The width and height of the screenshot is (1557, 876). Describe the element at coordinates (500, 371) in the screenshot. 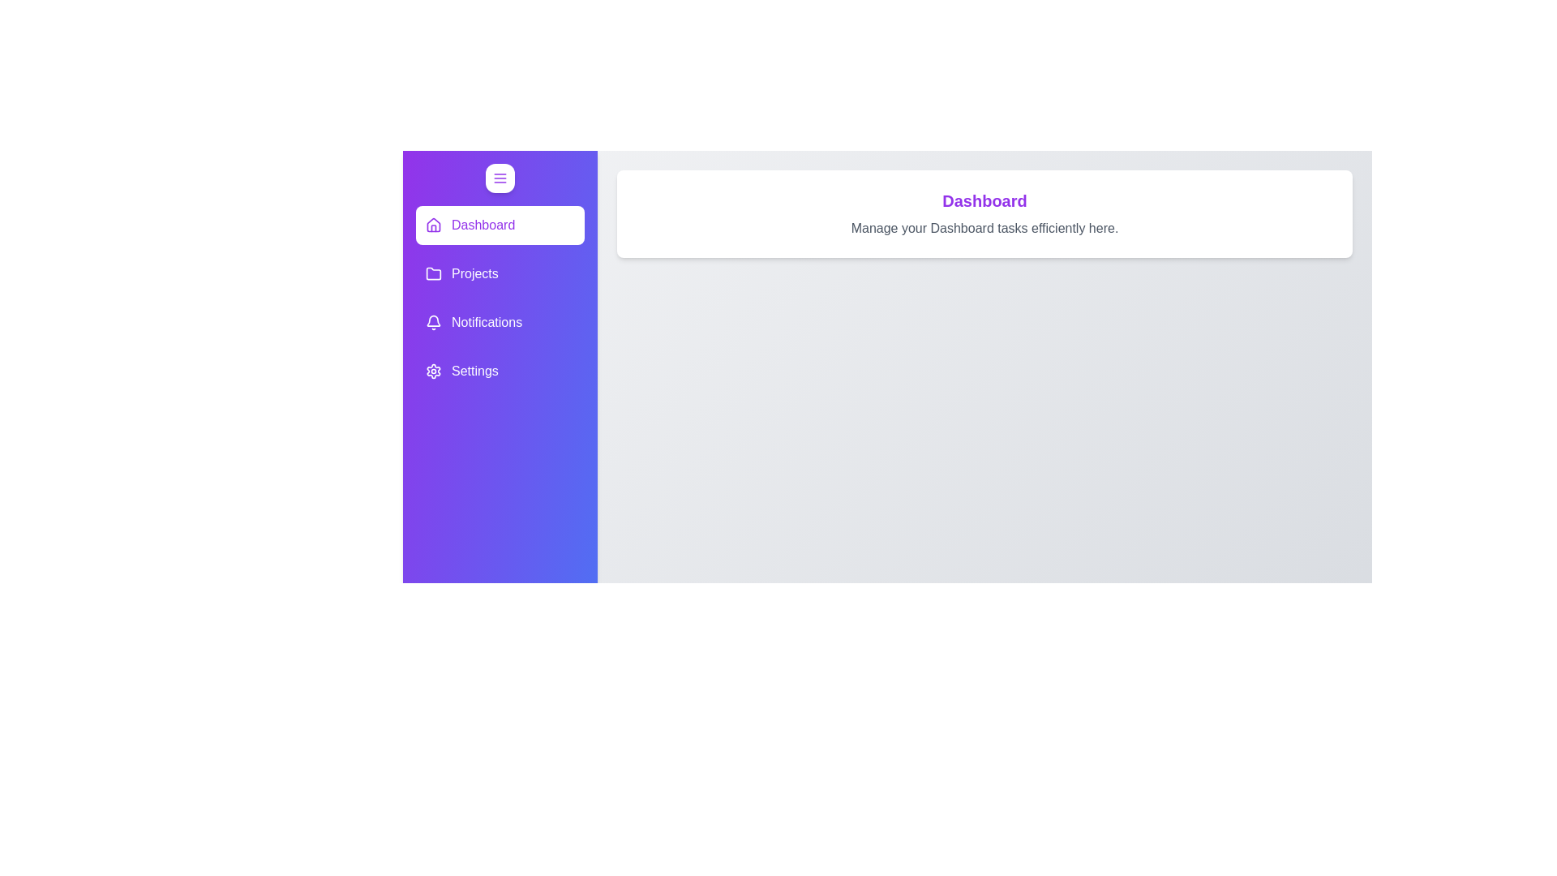

I see `the element labeled Settings to observe its hover effects` at that location.